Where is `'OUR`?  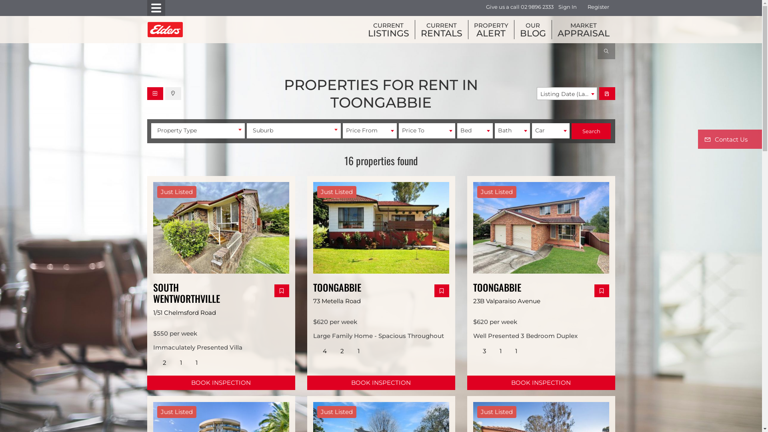 'OUR is located at coordinates (533, 29).